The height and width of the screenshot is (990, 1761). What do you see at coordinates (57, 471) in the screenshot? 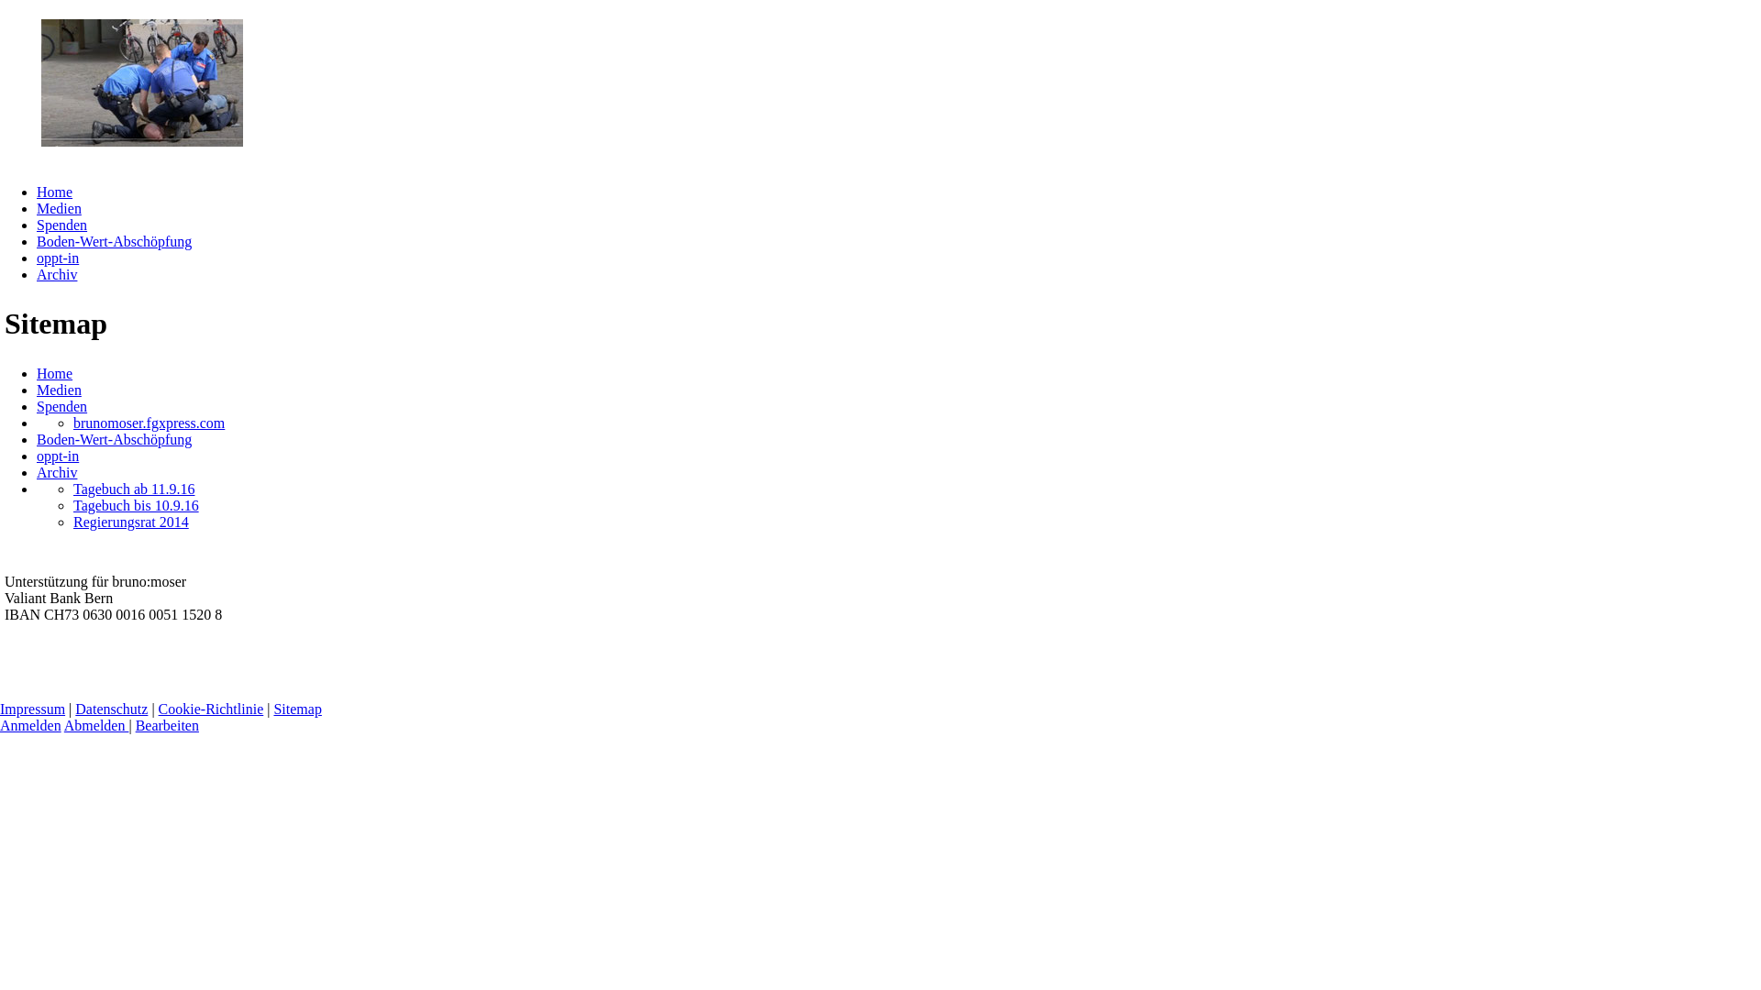
I see `'Archiv'` at bounding box center [57, 471].